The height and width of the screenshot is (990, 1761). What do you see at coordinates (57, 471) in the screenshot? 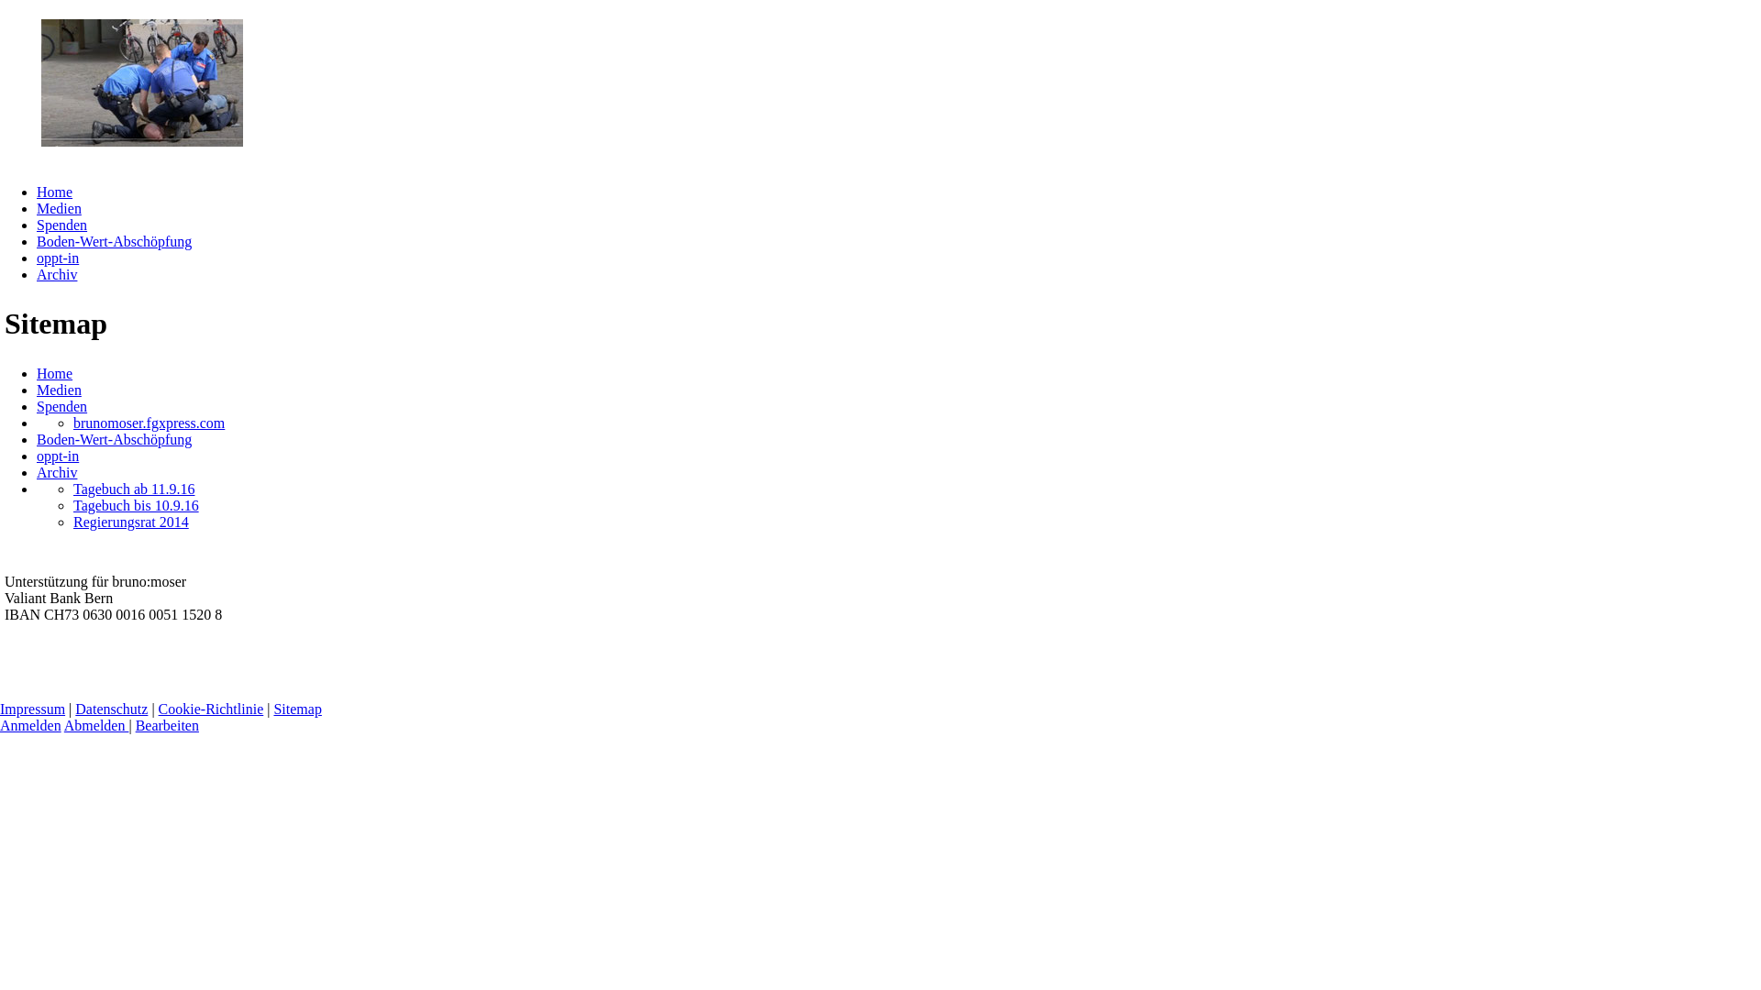
I see `'Archiv'` at bounding box center [57, 471].